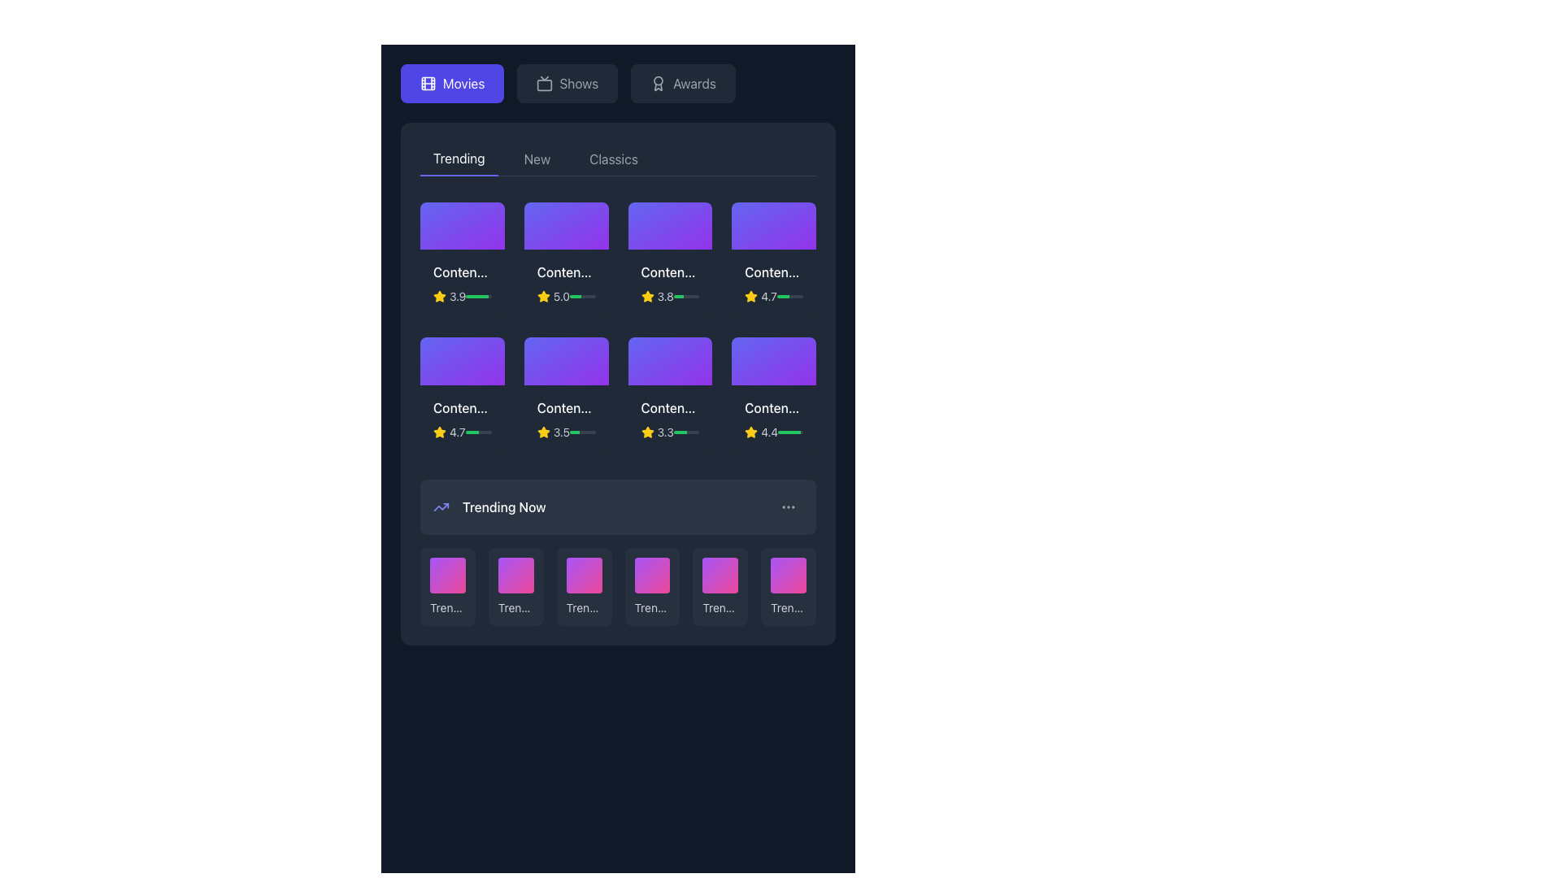 This screenshot has height=878, width=1561. Describe the element at coordinates (788, 506) in the screenshot. I see `the menu trigger located` at that location.